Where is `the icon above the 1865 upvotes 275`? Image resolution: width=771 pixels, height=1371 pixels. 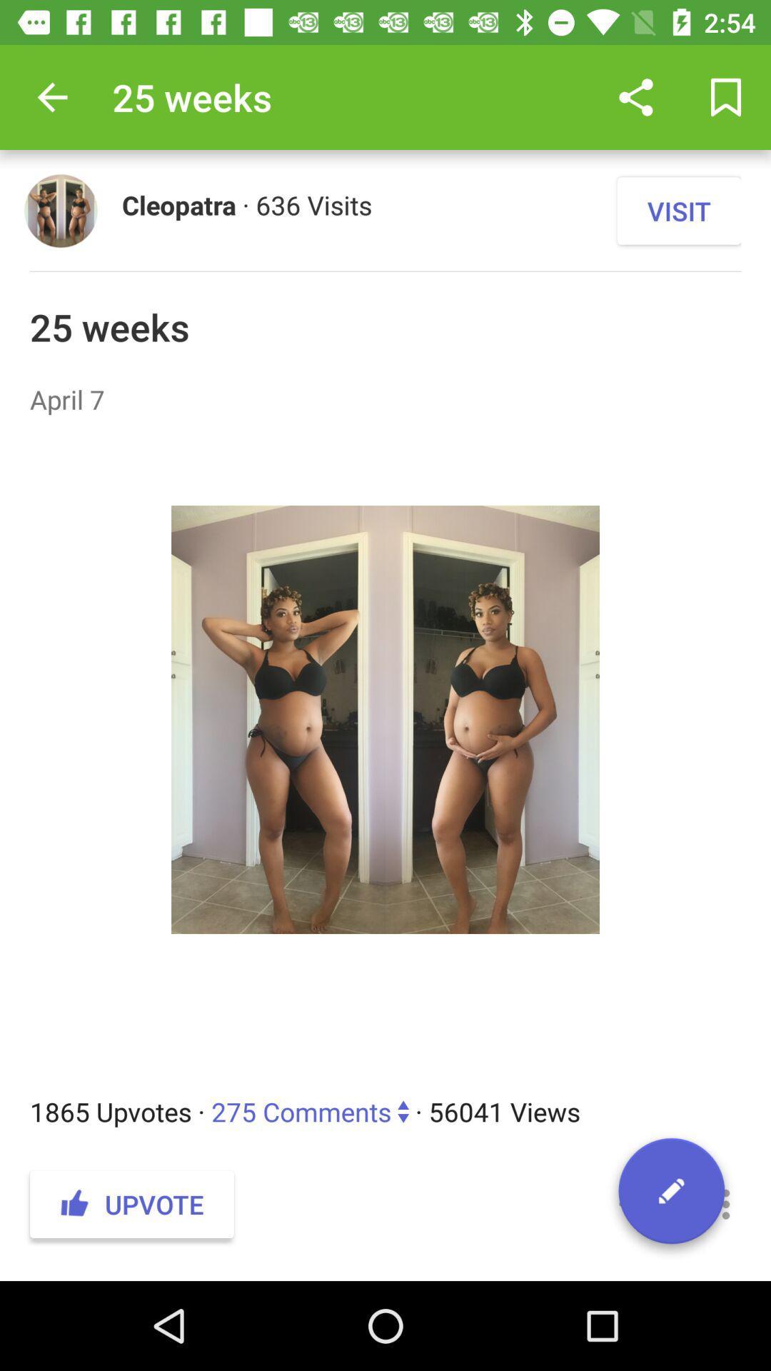 the icon above the 1865 upvotes 275 is located at coordinates (385, 755).